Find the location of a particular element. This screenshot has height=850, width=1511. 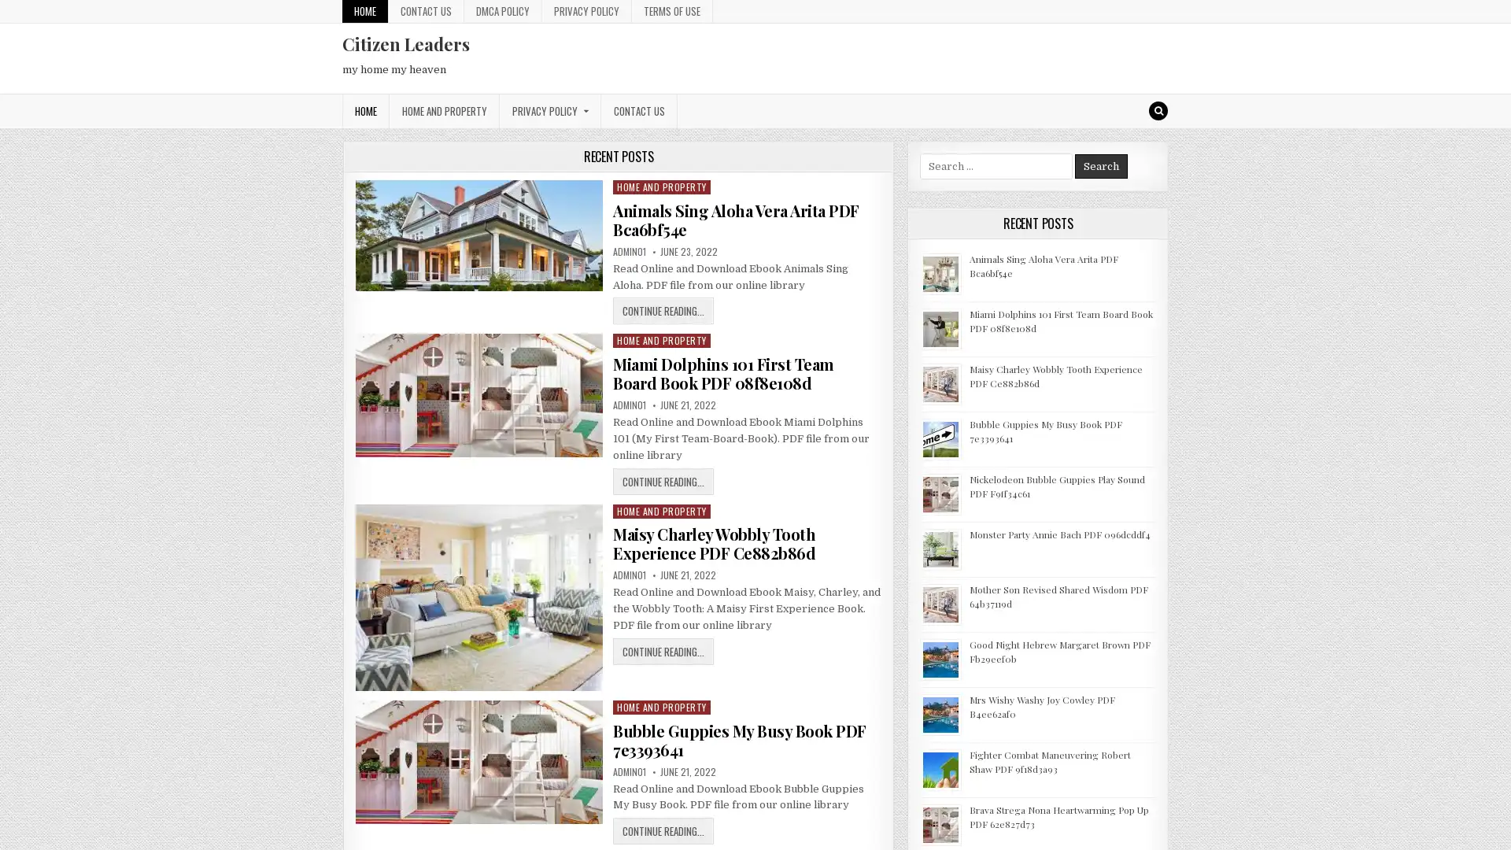

Search is located at coordinates (1100, 166).